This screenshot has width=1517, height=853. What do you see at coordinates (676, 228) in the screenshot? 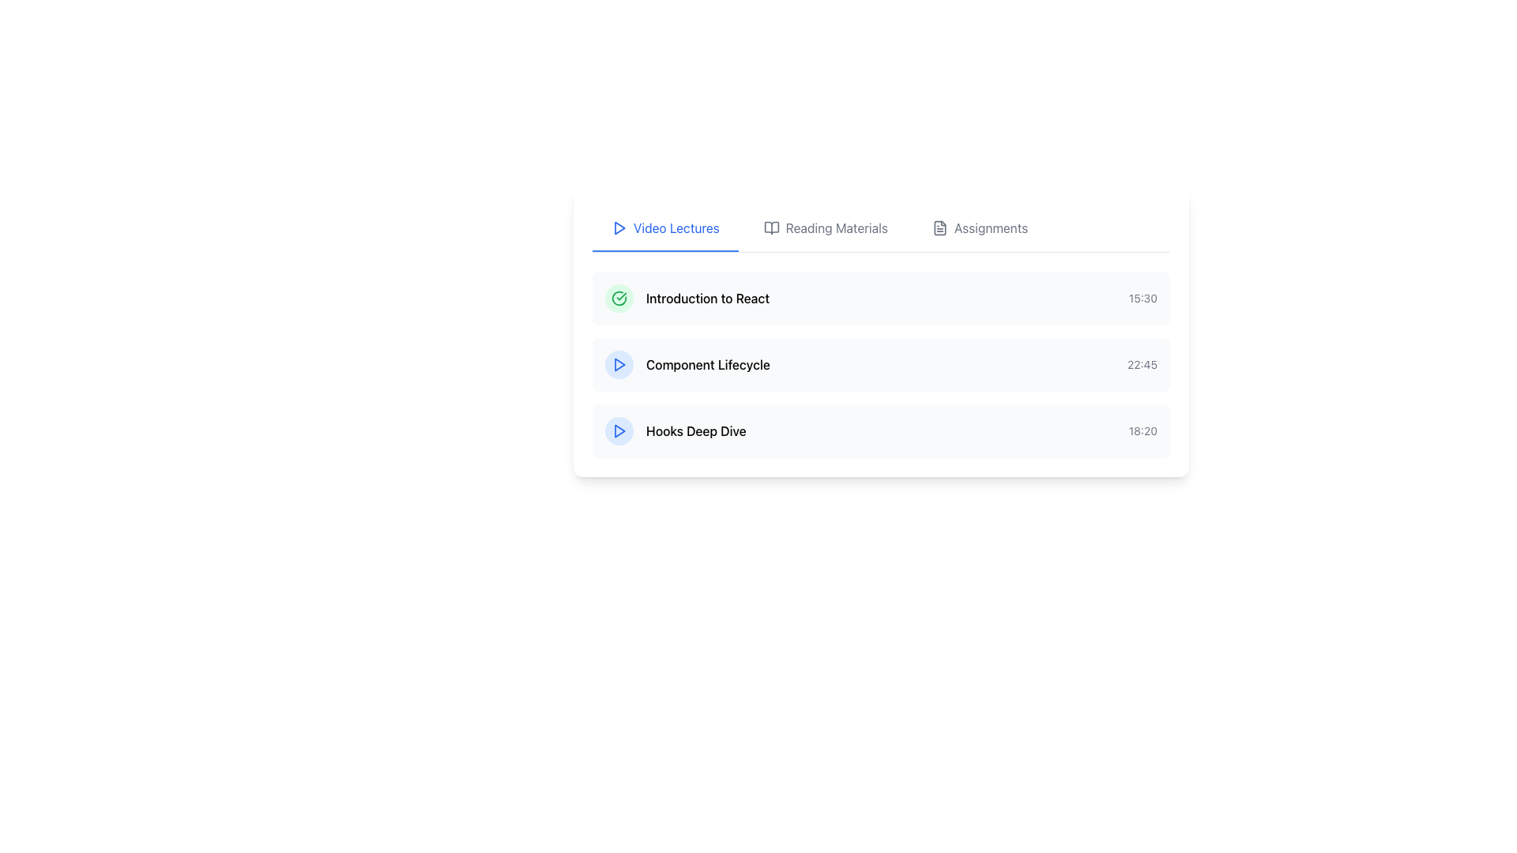
I see `the 'Video Lectures' navigation menu item, which is styled in blue and underlined` at bounding box center [676, 228].